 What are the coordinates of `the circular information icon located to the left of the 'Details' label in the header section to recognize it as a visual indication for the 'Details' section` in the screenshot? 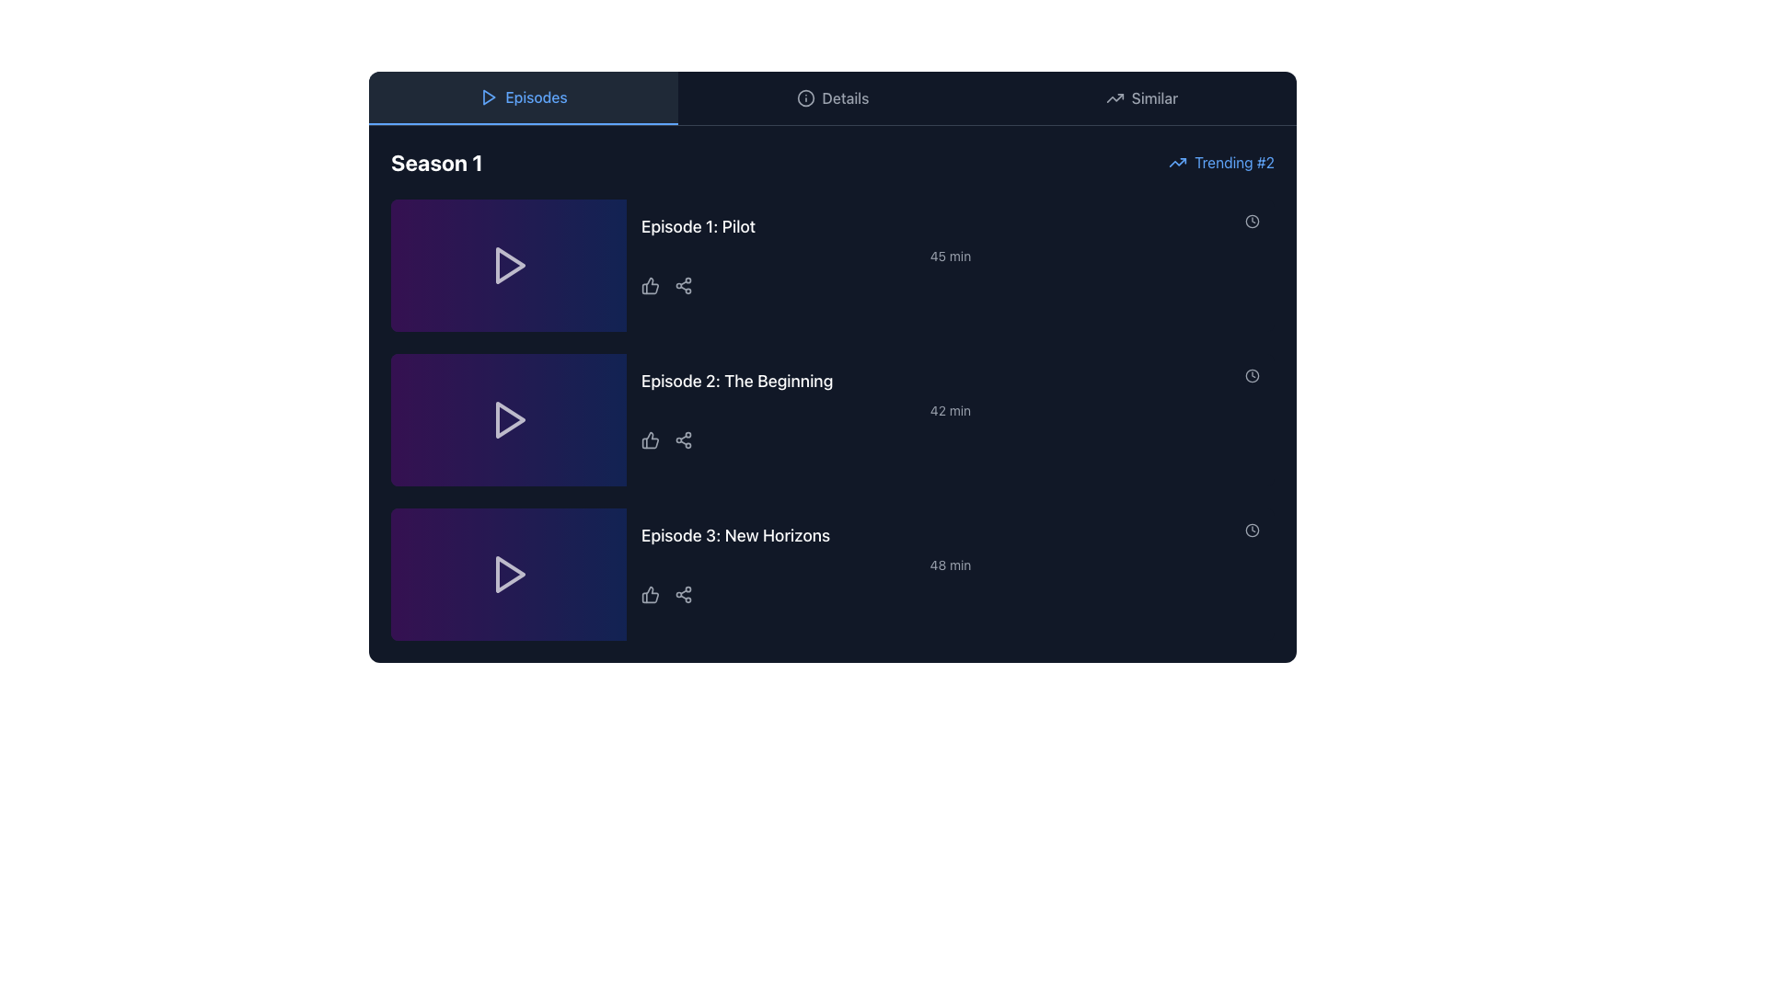 It's located at (805, 98).